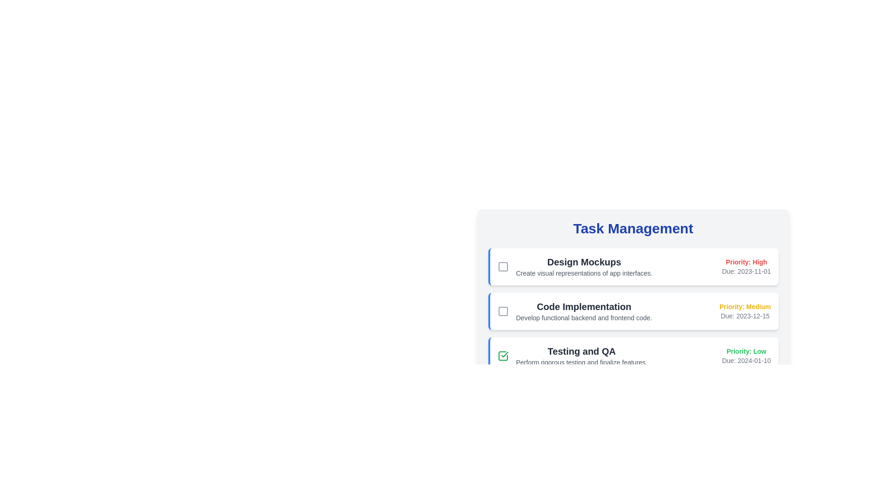  Describe the element at coordinates (584, 272) in the screenshot. I see `Text label that provides additional context for the 'Design Mockups' task located under the title within the first task entry of the 'Task Management' section` at that location.